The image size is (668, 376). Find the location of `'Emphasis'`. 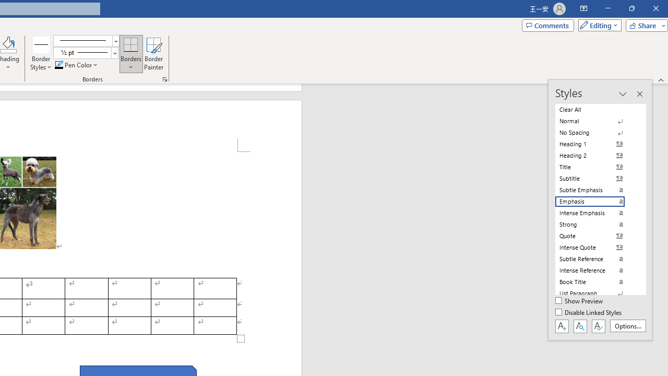

'Emphasis' is located at coordinates (596, 201).